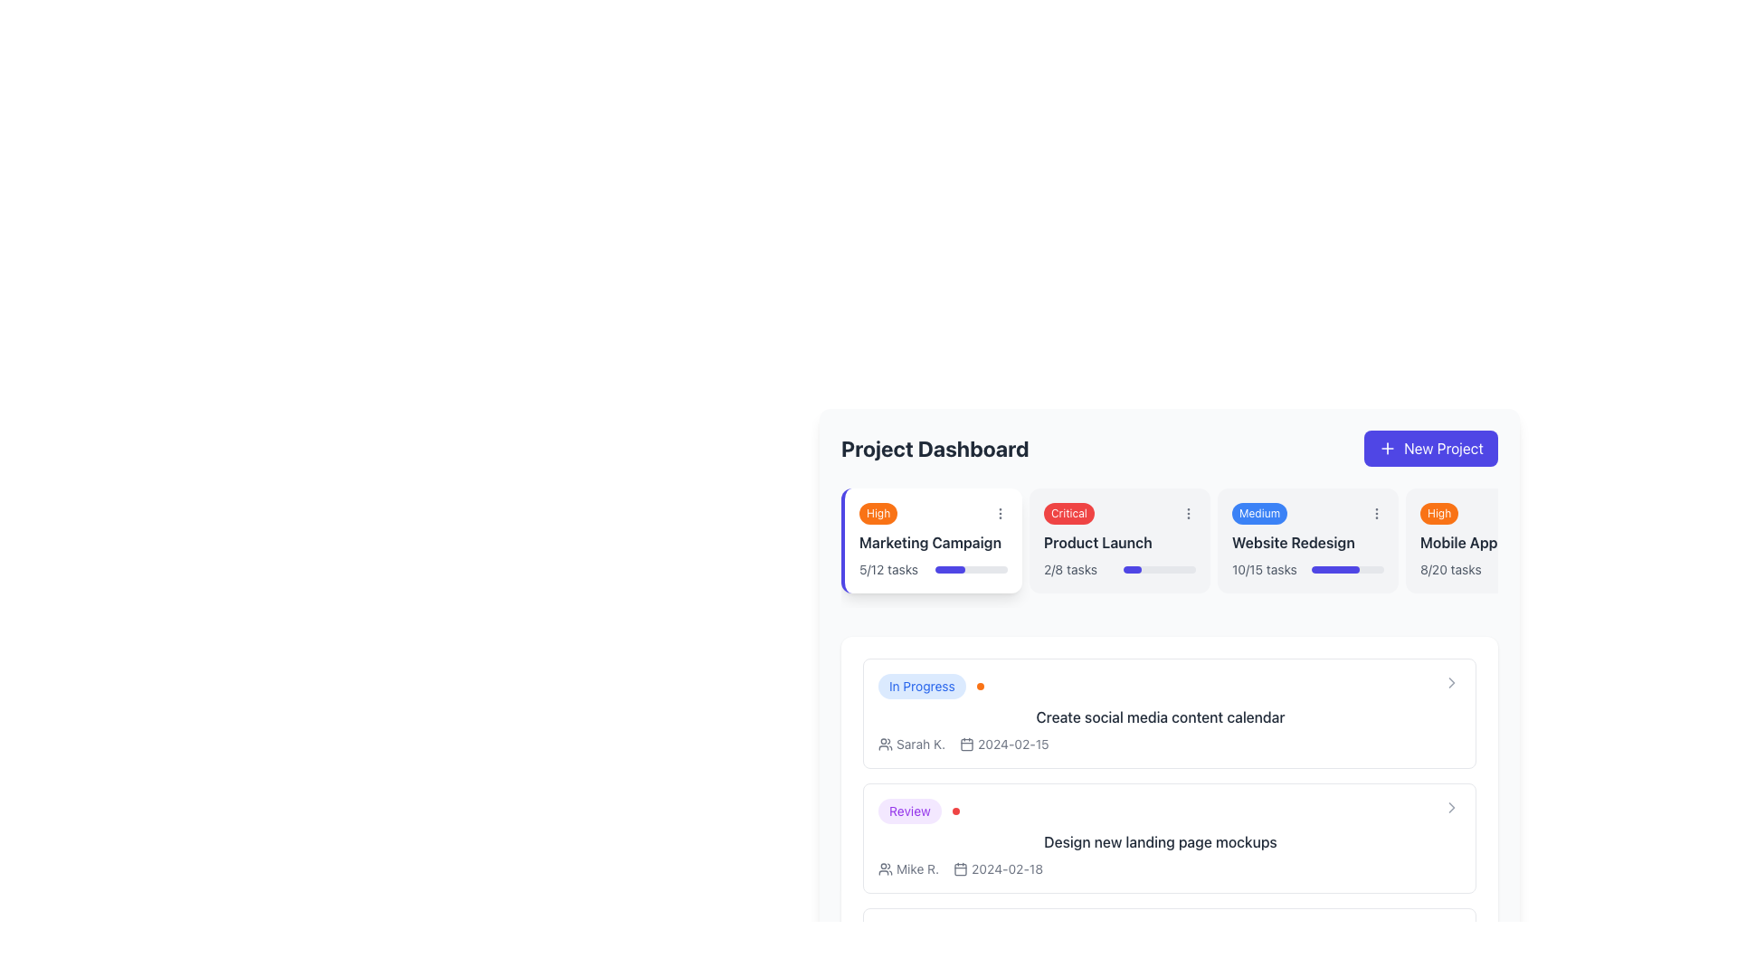 The width and height of the screenshot is (1737, 977). Describe the element at coordinates (1119, 542) in the screenshot. I see `text label that indicates the task as 'Product Launch', which is located in the middle of the second task card below the 'Critical' badge` at that location.